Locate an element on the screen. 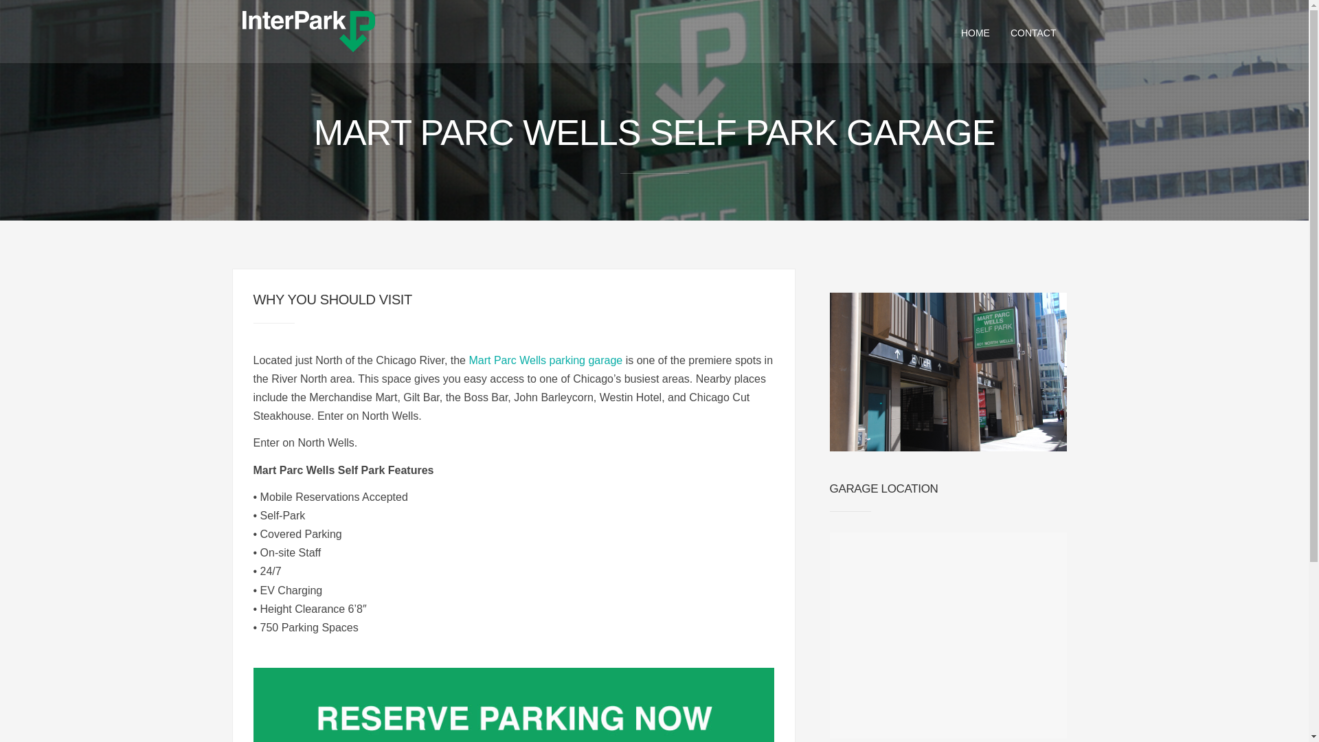 This screenshot has height=742, width=1319. 'CONTACT' is located at coordinates (1033, 31).